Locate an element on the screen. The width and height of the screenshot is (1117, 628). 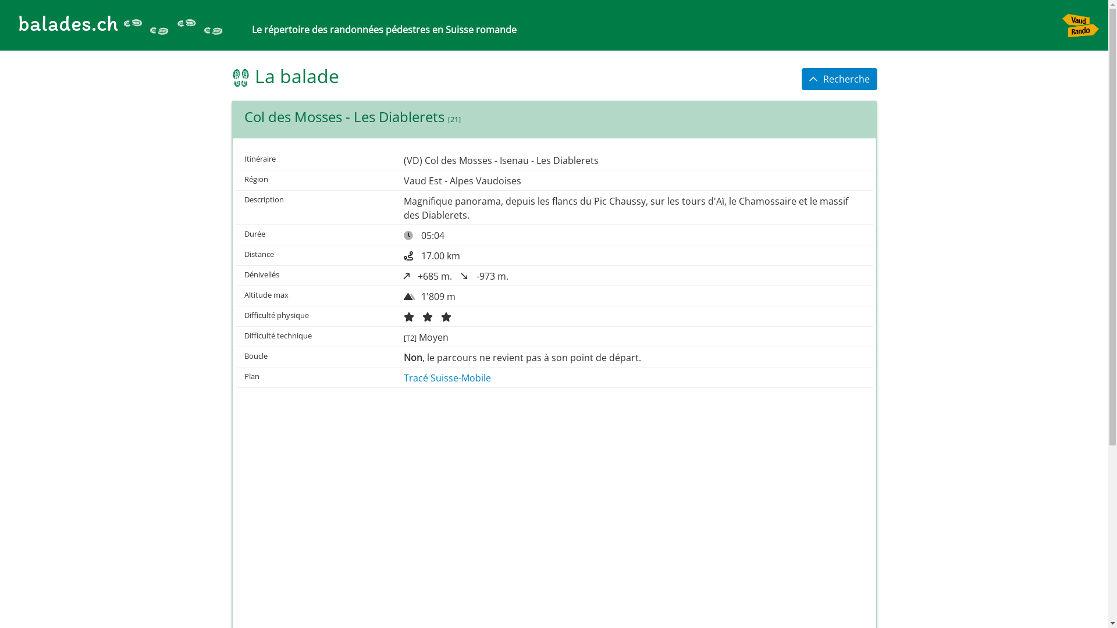
'Association Vaud Rando' is located at coordinates (1080, 25).